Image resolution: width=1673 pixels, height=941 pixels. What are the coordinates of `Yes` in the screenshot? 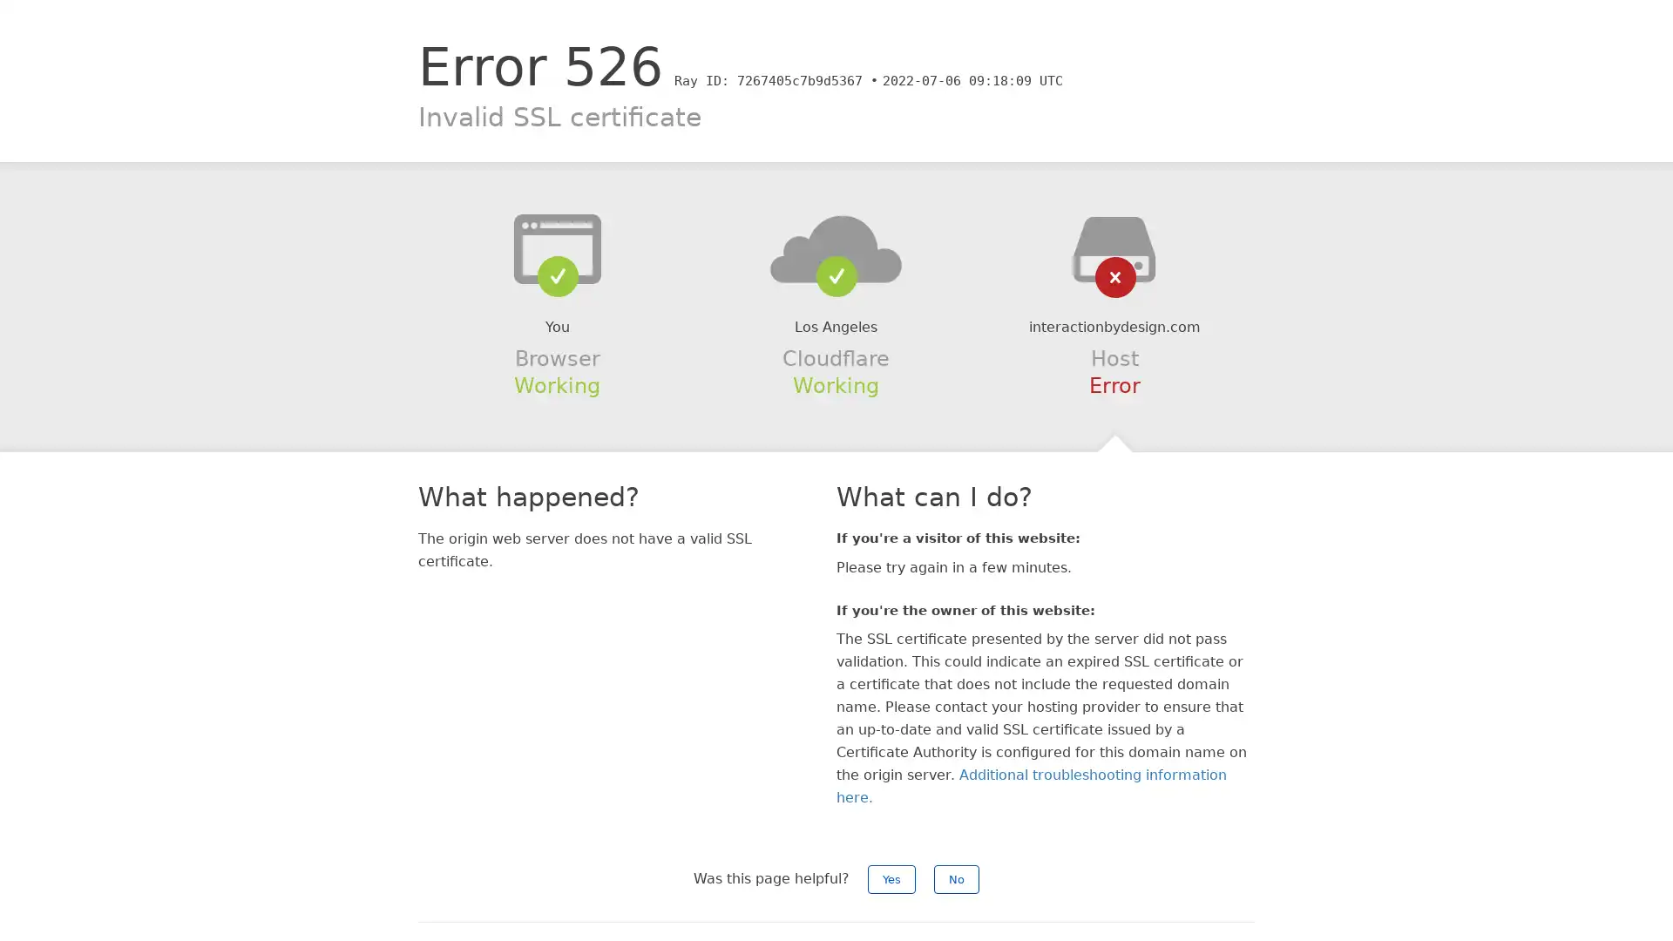 It's located at (891, 879).